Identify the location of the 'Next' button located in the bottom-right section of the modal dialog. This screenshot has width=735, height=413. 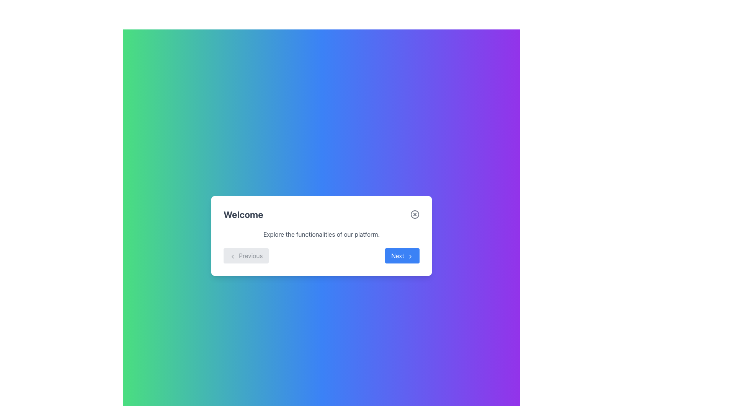
(402, 255).